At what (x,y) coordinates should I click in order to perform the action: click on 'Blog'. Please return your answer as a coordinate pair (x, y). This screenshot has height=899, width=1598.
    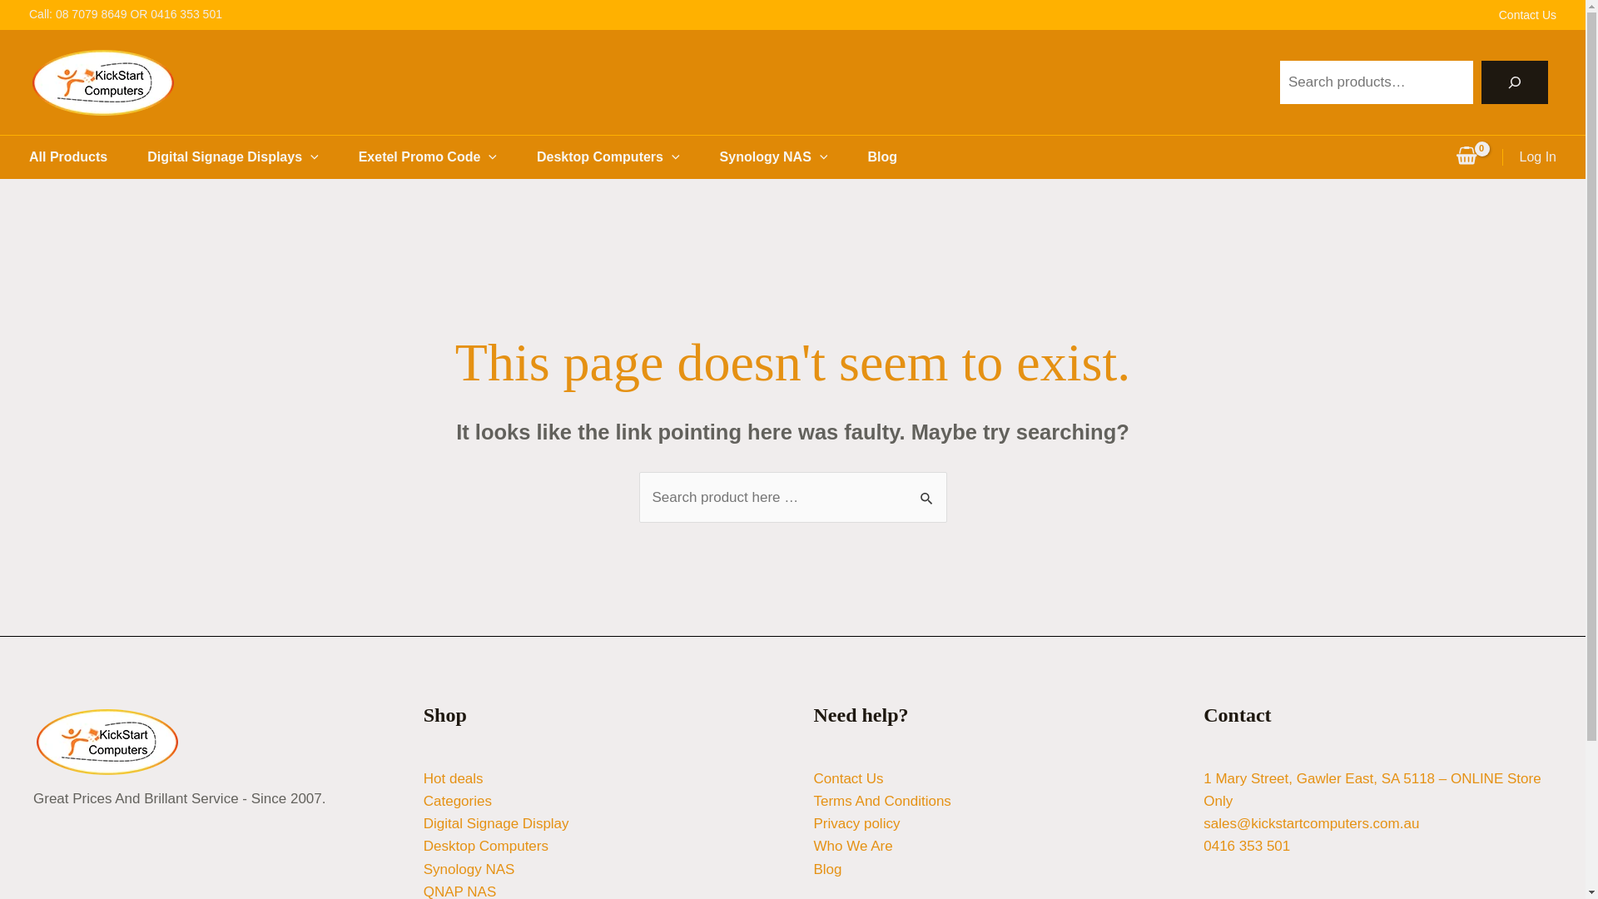
    Looking at the image, I should click on (827, 868).